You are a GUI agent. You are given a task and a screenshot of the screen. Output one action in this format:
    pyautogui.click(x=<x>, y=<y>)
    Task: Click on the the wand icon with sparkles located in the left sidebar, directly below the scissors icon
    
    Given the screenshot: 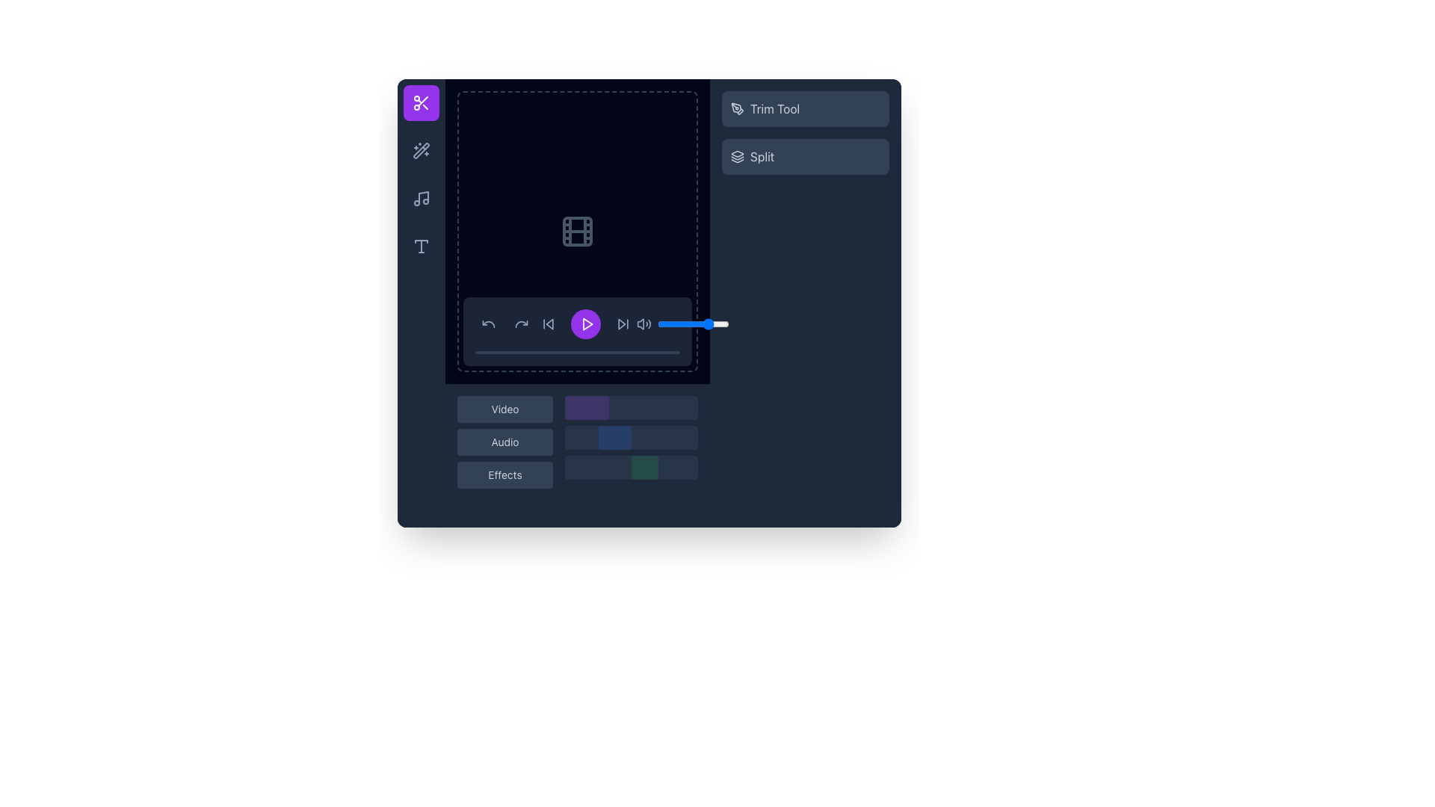 What is the action you would take?
    pyautogui.click(x=421, y=150)
    